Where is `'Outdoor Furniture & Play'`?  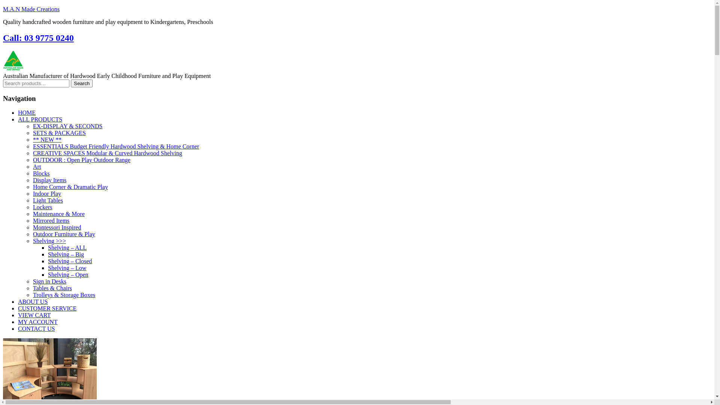 'Outdoor Furniture & Play' is located at coordinates (64, 234).